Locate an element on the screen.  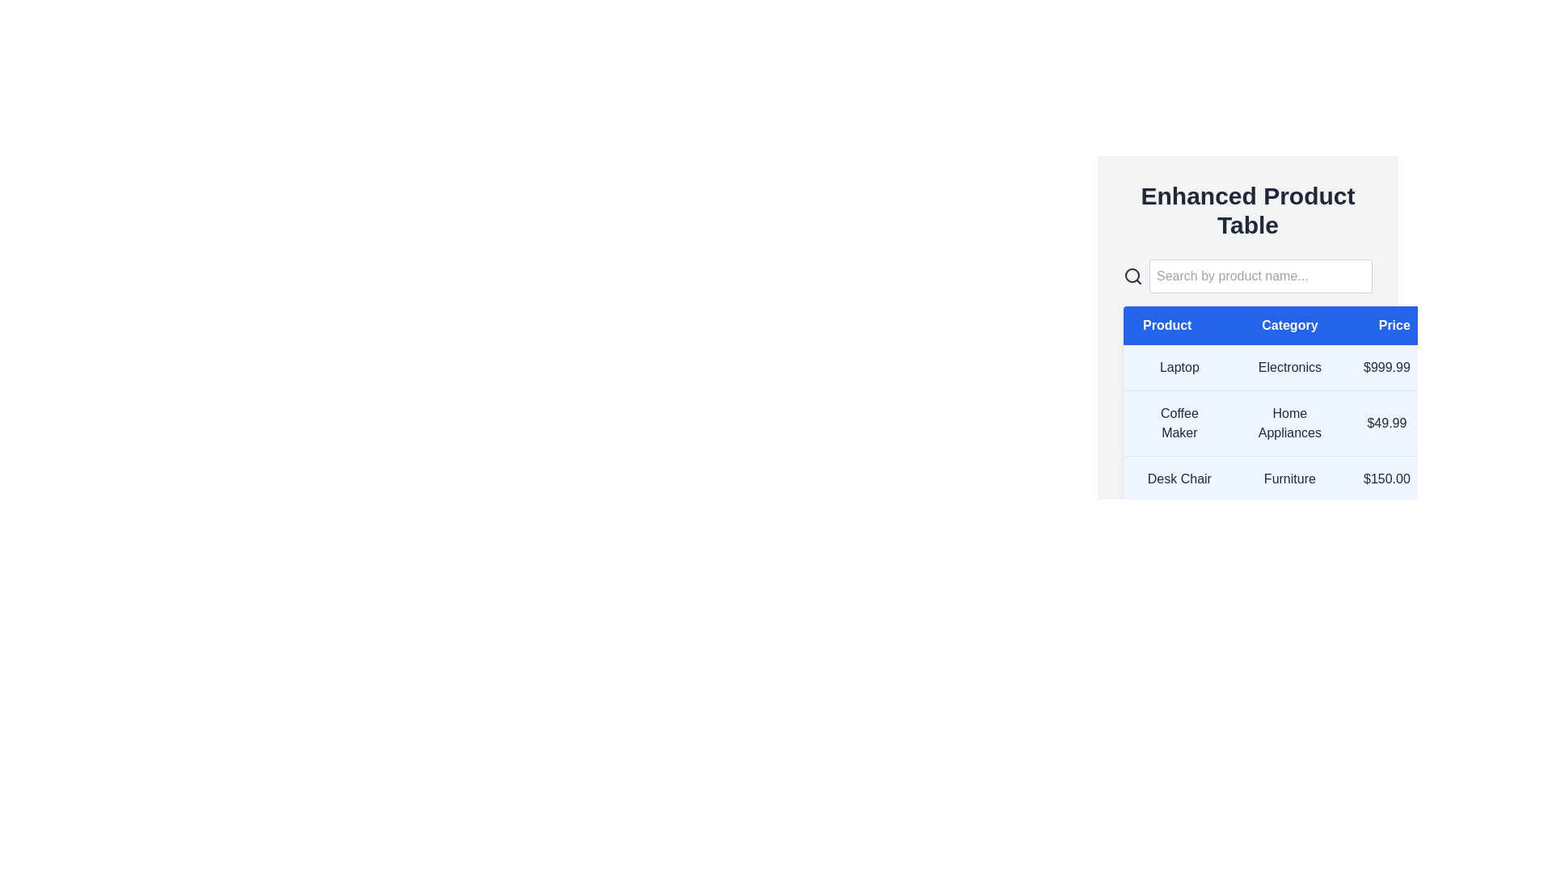
the 'Category' table column header, which is the second column header positioned between 'Product' and 'Price' is located at coordinates (1288, 325).